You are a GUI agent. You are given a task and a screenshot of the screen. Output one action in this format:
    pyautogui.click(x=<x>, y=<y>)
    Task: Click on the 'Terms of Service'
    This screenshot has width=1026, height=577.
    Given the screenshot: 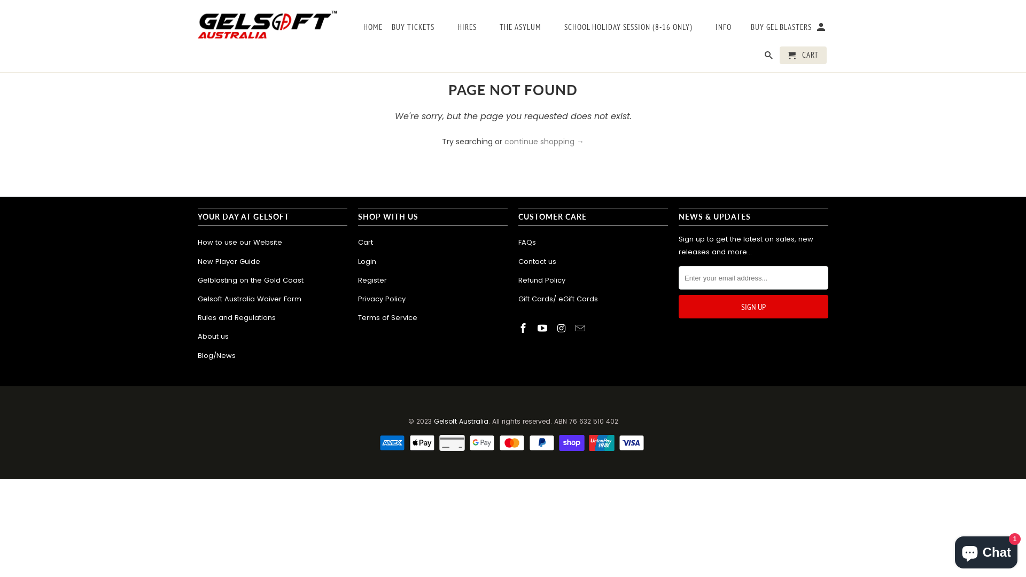 What is the action you would take?
    pyautogui.click(x=387, y=317)
    